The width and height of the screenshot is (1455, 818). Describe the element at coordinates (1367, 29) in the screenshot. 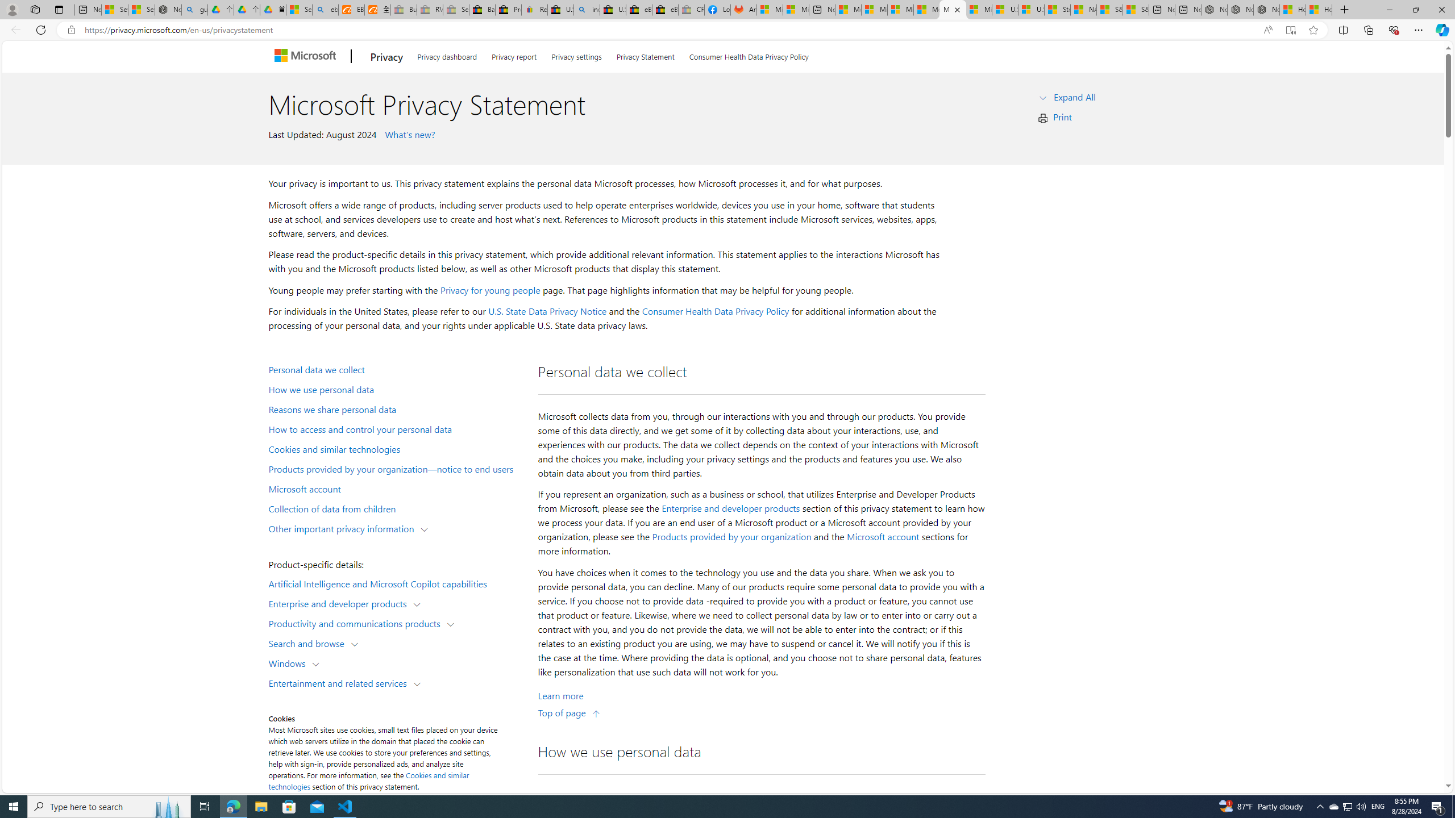

I see `'Collections'` at that location.